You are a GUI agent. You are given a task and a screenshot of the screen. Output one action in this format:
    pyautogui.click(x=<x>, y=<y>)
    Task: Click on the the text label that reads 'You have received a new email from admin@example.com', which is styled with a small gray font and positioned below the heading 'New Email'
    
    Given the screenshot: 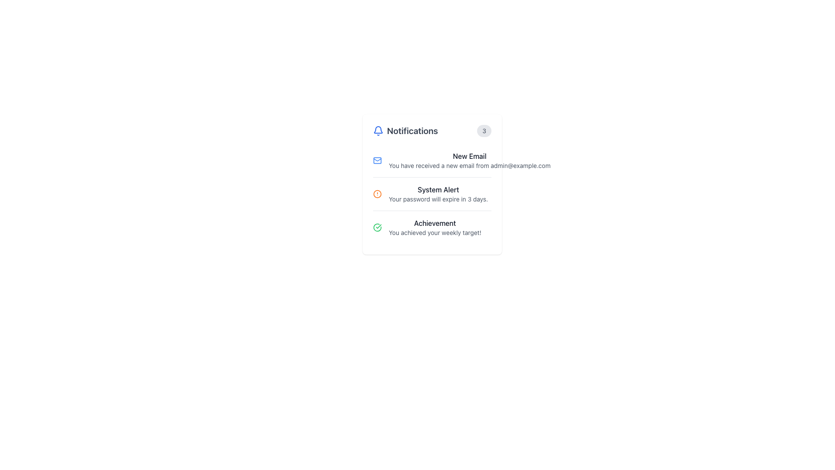 What is the action you would take?
    pyautogui.click(x=469, y=166)
    